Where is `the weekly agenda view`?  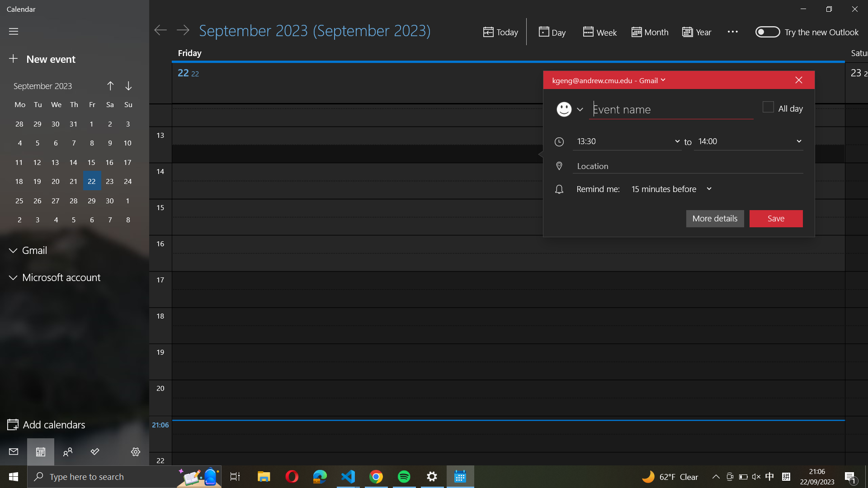 the weekly agenda view is located at coordinates (599, 32).